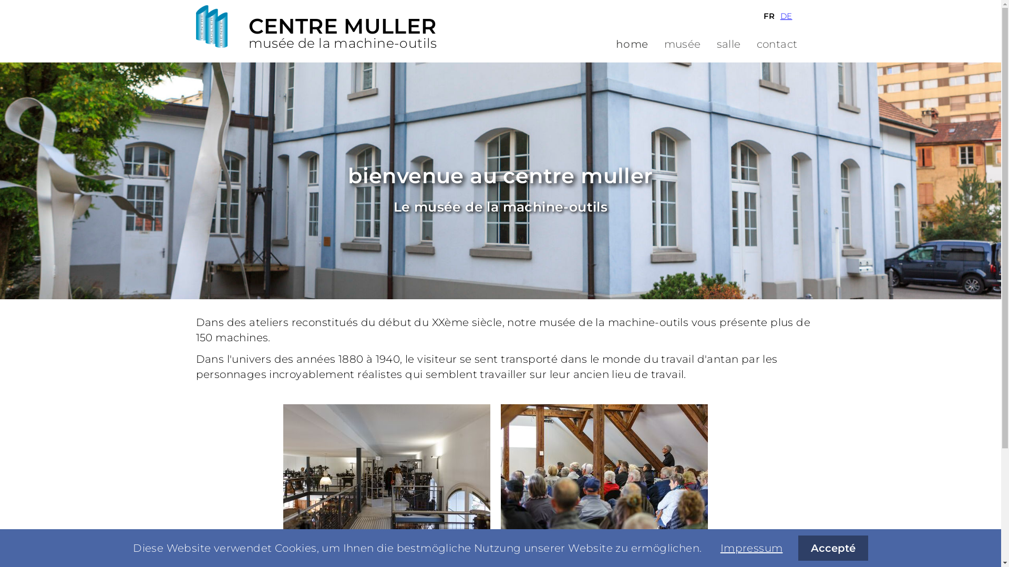 This screenshot has height=567, width=1009. What do you see at coordinates (744, 554) in the screenshot?
I see `'impressum'` at bounding box center [744, 554].